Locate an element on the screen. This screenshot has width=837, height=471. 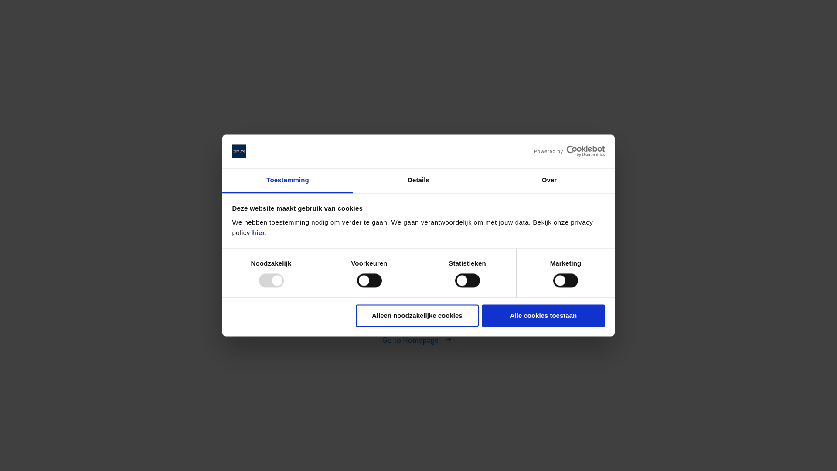
'Go to Homepage' is located at coordinates (372, 339).